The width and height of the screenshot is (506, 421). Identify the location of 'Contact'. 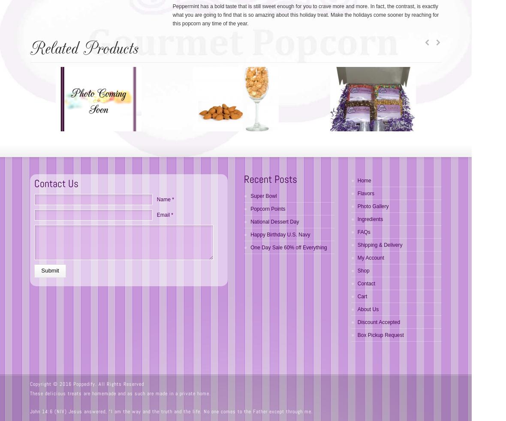
(366, 283).